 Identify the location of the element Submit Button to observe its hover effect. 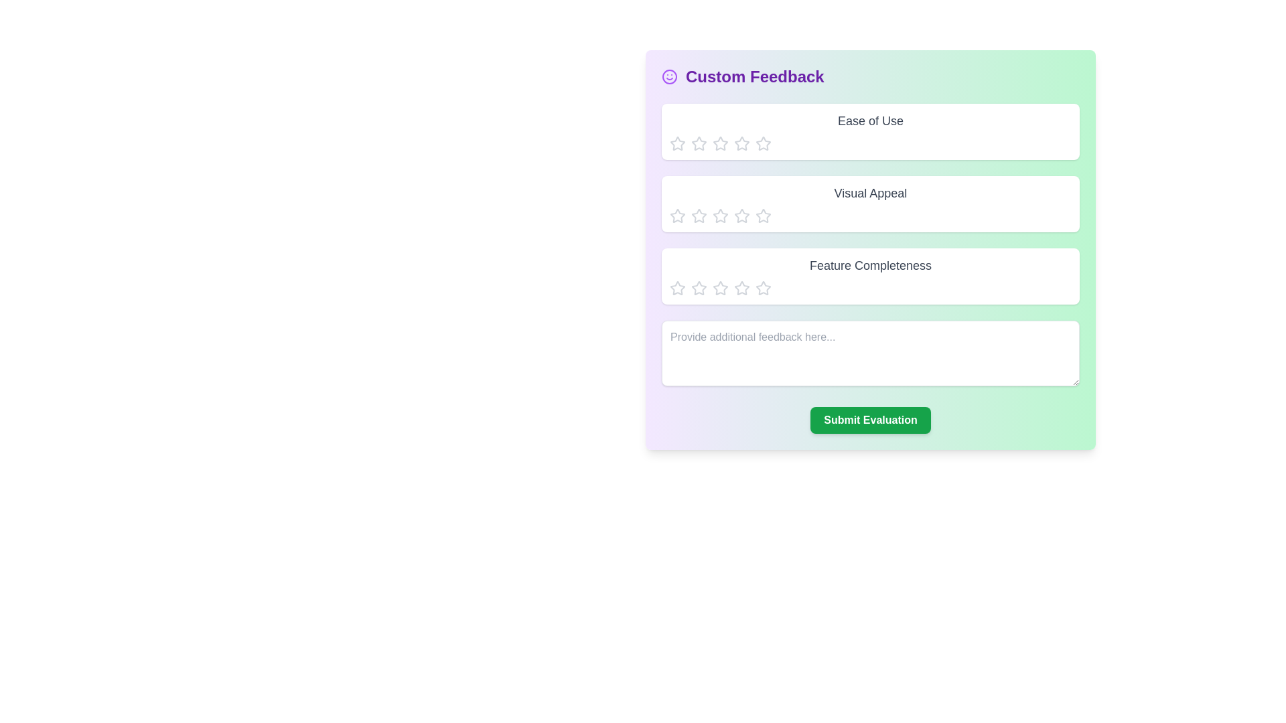
(870, 420).